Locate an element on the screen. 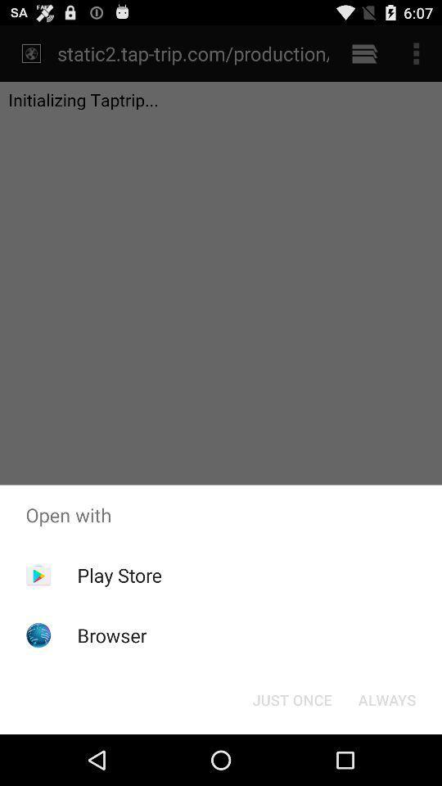 The image size is (442, 786). the play store is located at coordinates (119, 575).